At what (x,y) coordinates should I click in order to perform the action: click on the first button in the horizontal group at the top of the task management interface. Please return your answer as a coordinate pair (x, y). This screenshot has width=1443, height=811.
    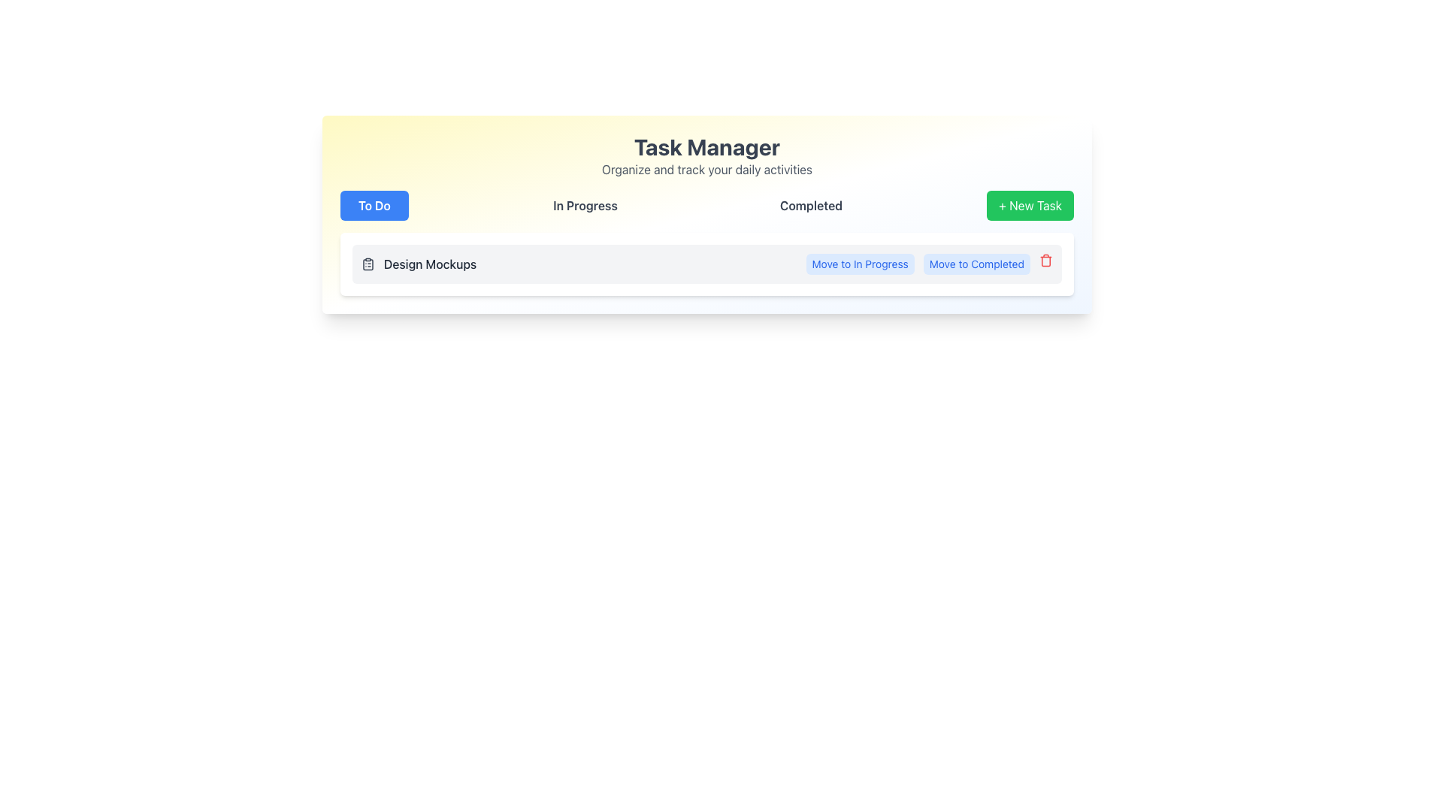
    Looking at the image, I should click on (374, 205).